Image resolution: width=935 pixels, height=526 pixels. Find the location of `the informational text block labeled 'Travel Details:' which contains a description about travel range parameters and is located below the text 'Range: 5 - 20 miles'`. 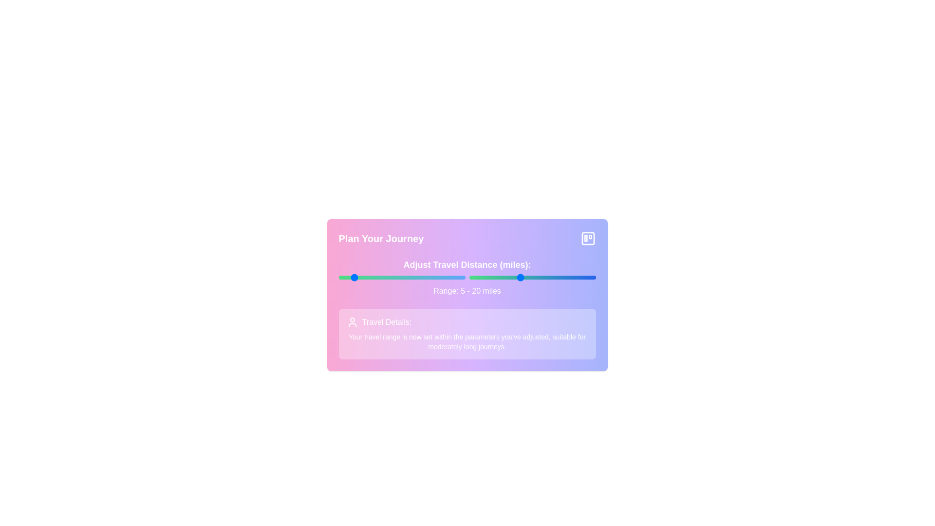

the informational text block labeled 'Travel Details:' which contains a description about travel range parameters and is located below the text 'Range: 5 - 20 miles' is located at coordinates (467, 334).